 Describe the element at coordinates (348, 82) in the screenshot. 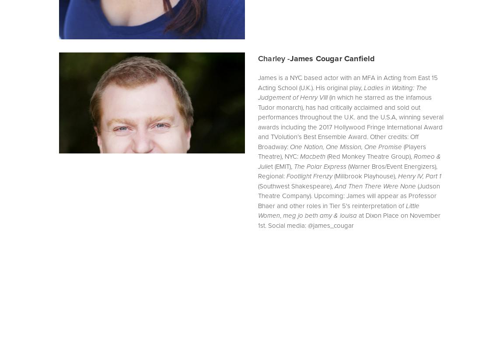

I see `'James is a NYC based actor with an MFA in Acting from East 15 Acting School (U.K.). His original play,'` at that location.